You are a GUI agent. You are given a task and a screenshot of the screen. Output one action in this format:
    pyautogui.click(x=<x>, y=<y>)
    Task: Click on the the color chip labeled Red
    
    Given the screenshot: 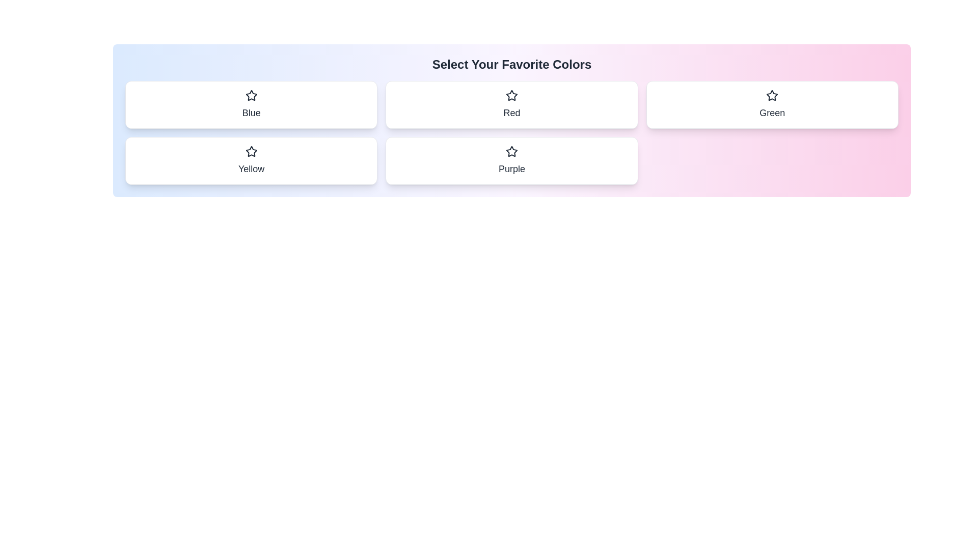 What is the action you would take?
    pyautogui.click(x=511, y=104)
    